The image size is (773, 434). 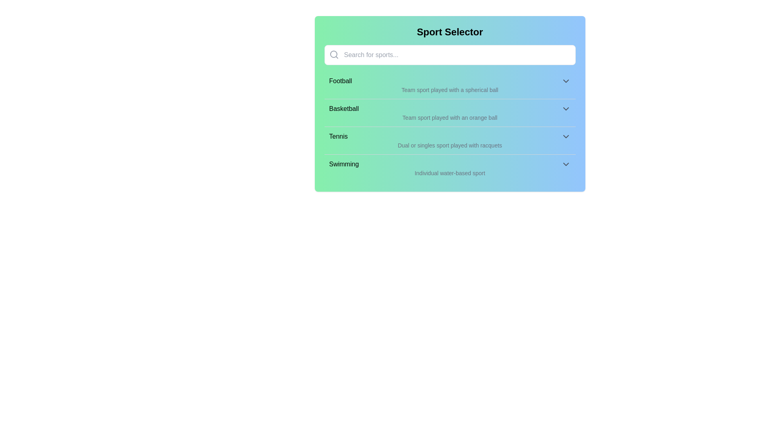 What do you see at coordinates (449, 140) in the screenshot?
I see `the list item labeled 'Tennis', which features a light green to blue gradient background and a chevron icon on the right` at bounding box center [449, 140].